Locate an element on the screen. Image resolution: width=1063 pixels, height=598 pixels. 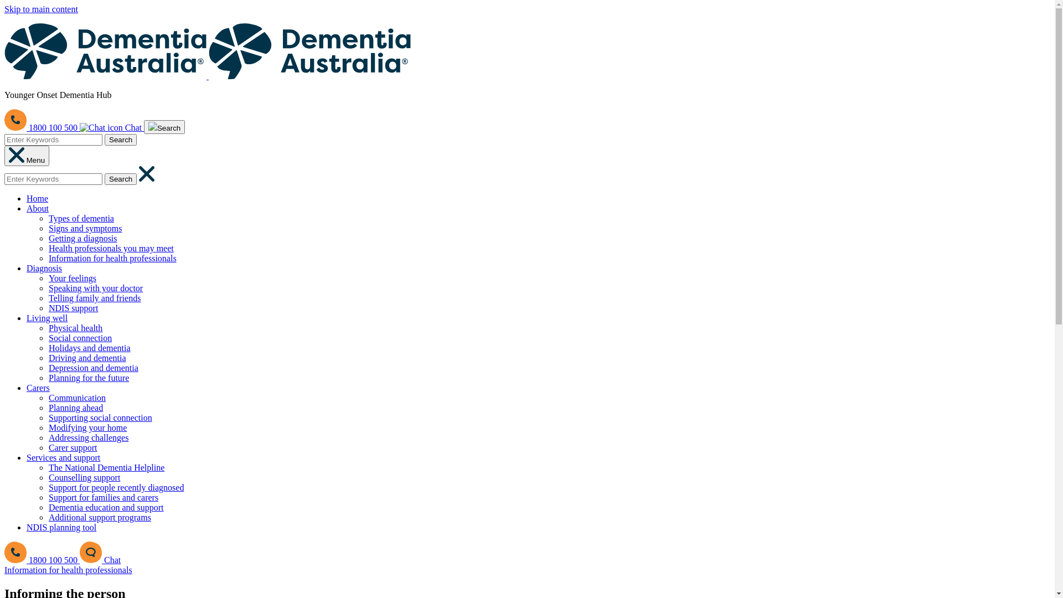
'Support for people recently diagnosed' is located at coordinates (116, 487).